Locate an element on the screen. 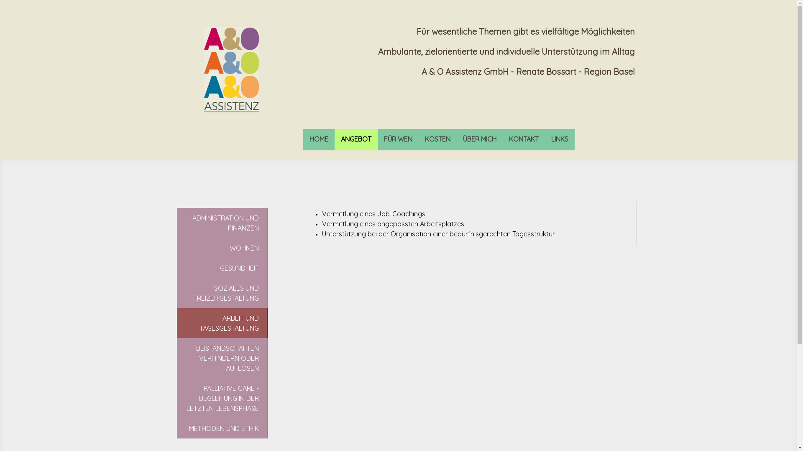 The image size is (803, 451). 'ADMINISTRATION UND FINANZEN' is located at coordinates (222, 222).